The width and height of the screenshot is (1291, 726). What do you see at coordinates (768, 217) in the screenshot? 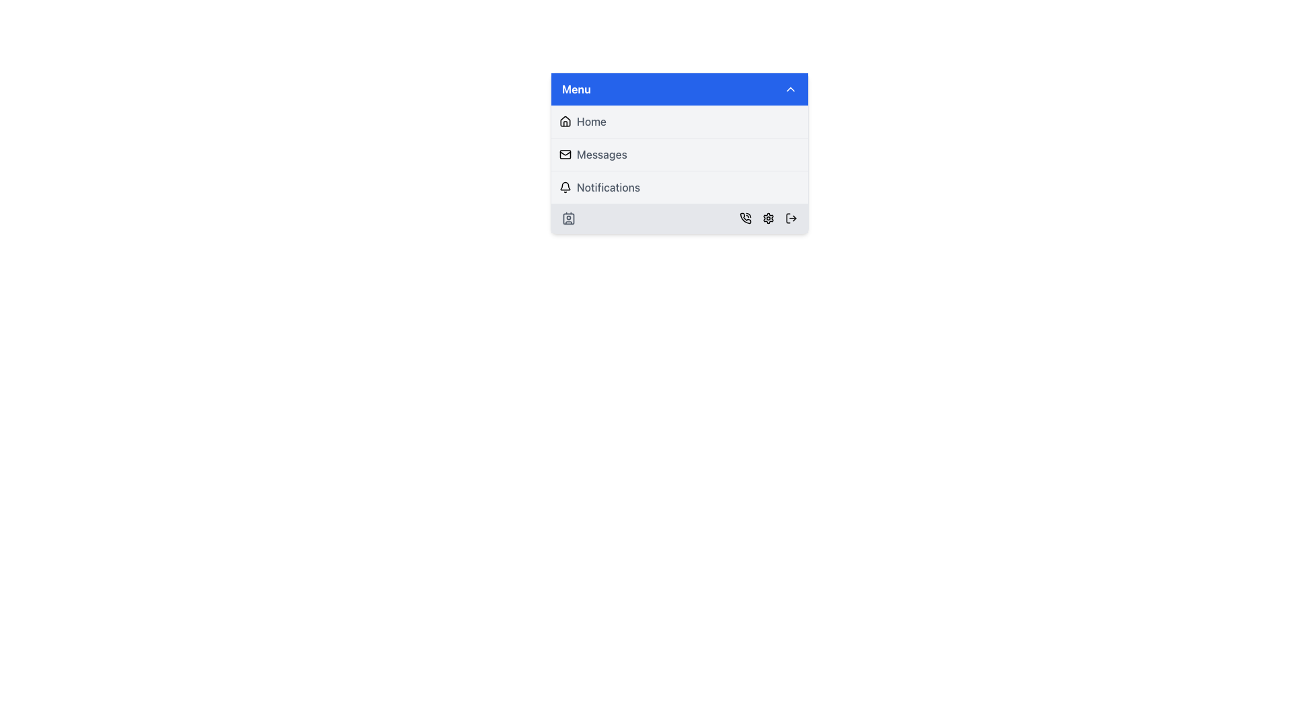
I see `the Settings icon located in the bottom row of icons in the dropdown menu under the 'Menu' heading` at bounding box center [768, 217].